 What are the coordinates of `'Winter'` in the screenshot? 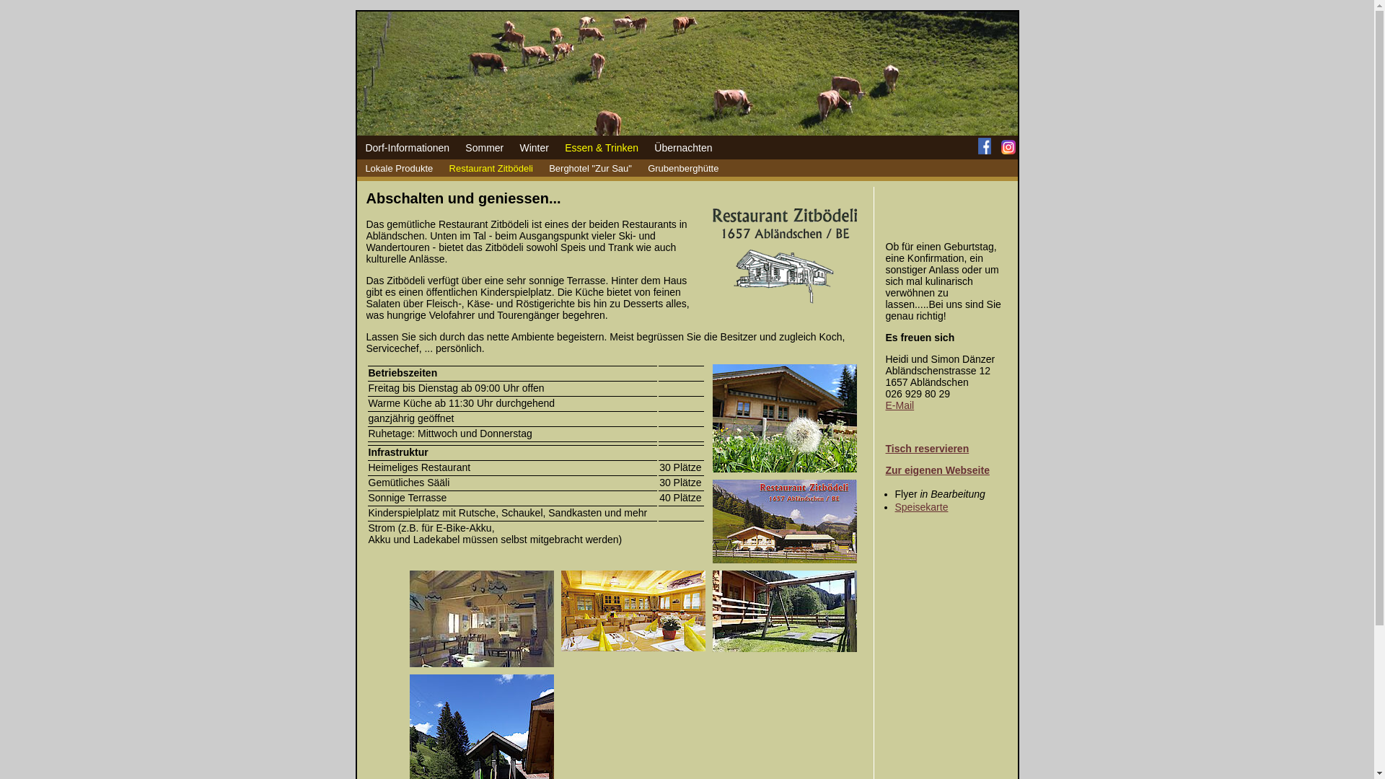 It's located at (532, 147).